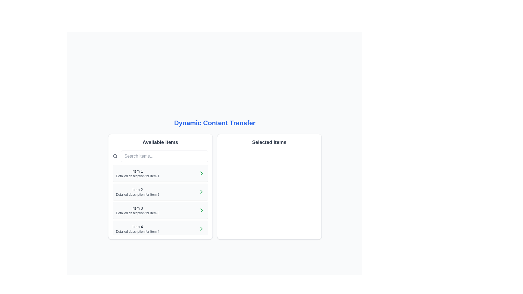 This screenshot has width=523, height=294. Describe the element at coordinates (138, 176) in the screenshot. I see `text content of the small-sized gray text label displaying 'Detailed description for Item 1', located below the bold text 'Item 1' in the 'Available Items' section` at that location.